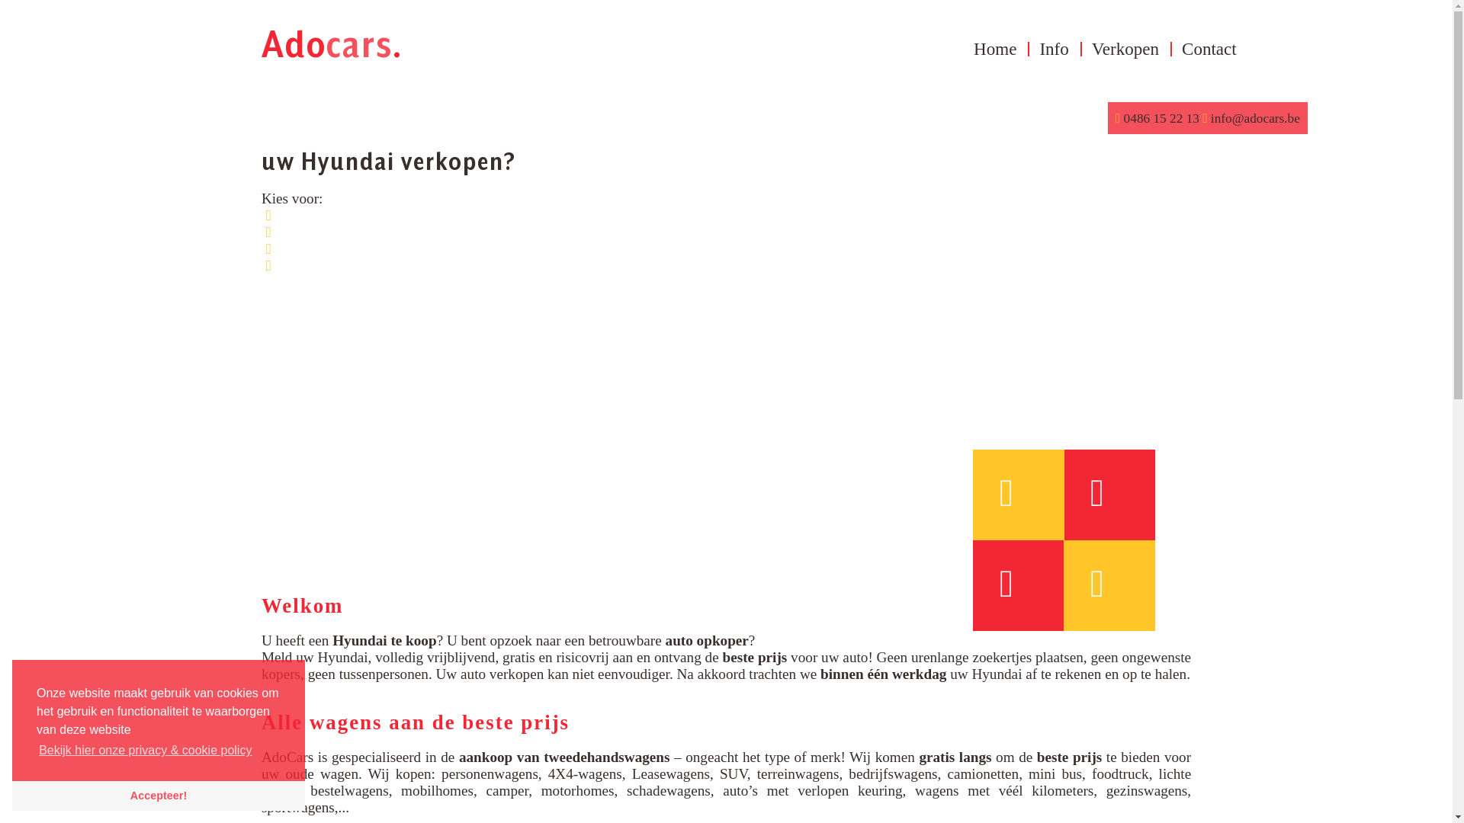  What do you see at coordinates (962, 48) in the screenshot?
I see `'Home'` at bounding box center [962, 48].